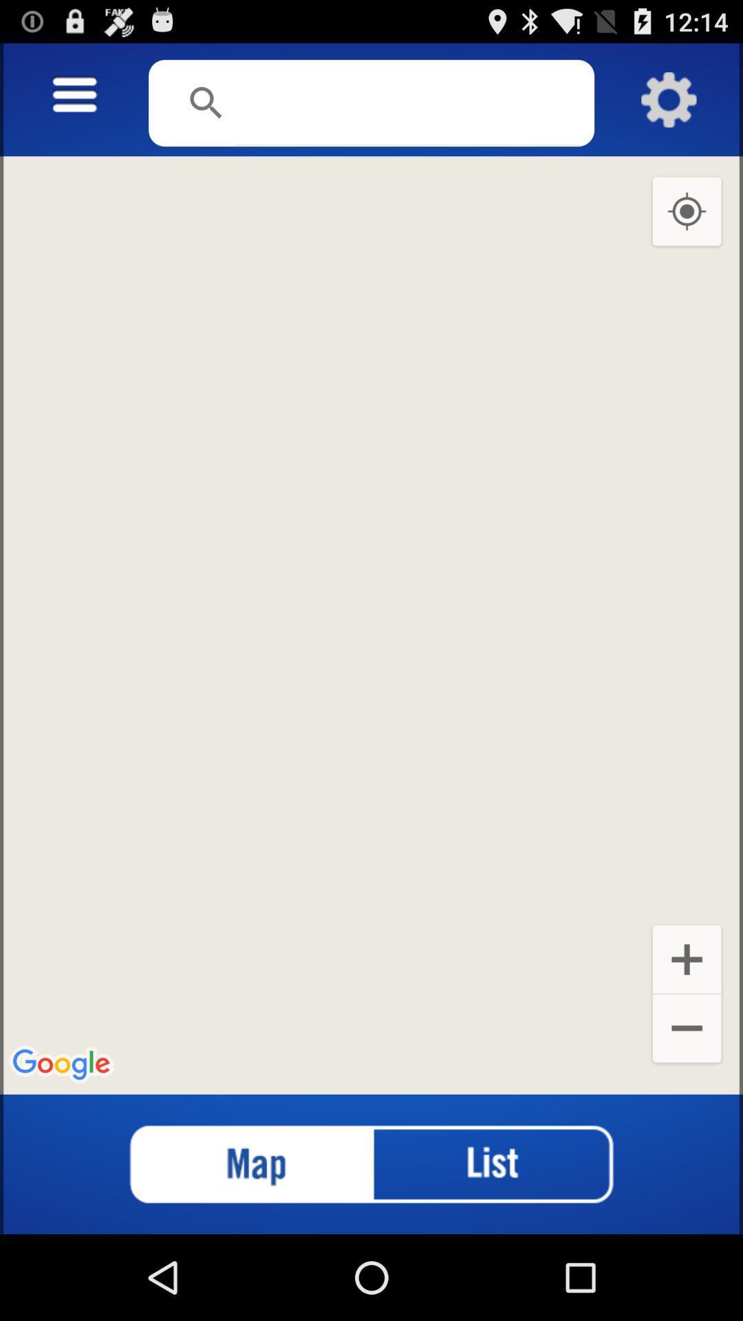  I want to click on the settings icon, so click(668, 106).